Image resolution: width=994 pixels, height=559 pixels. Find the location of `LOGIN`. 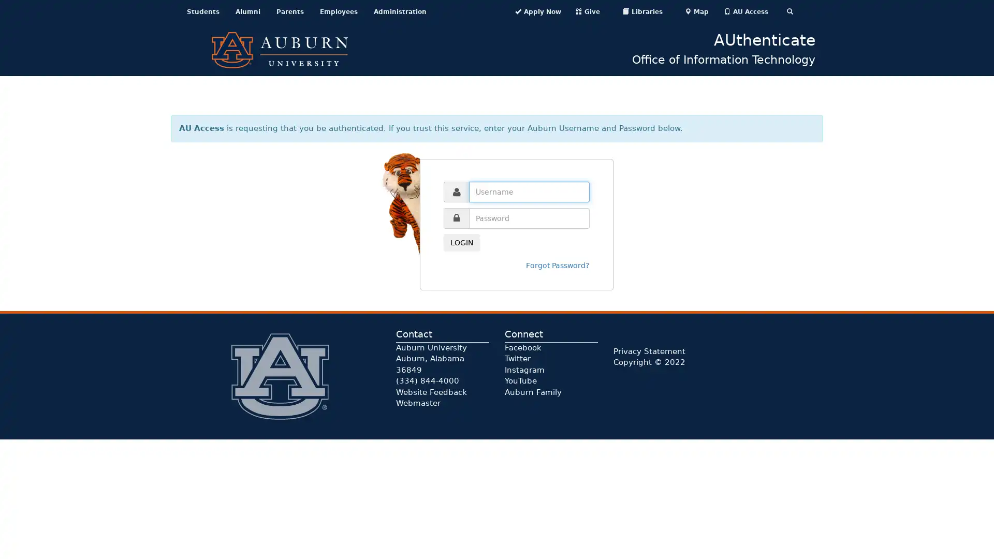

LOGIN is located at coordinates (461, 243).